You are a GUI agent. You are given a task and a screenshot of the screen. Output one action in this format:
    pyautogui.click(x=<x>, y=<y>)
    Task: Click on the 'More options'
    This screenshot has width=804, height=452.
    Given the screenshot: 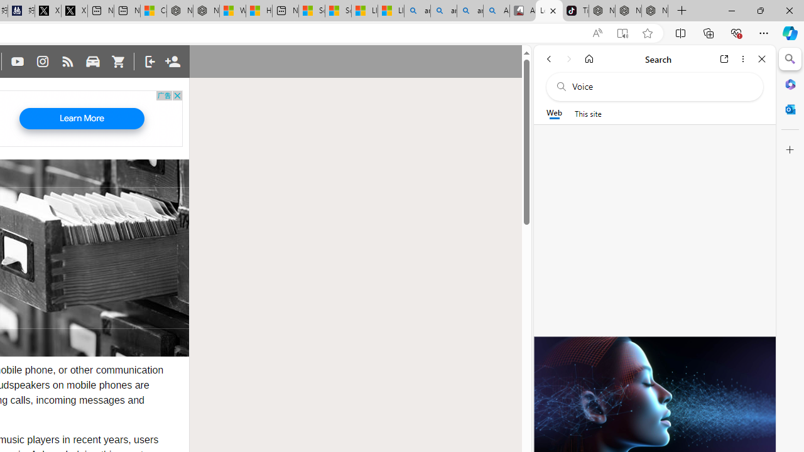 What is the action you would take?
    pyautogui.click(x=742, y=58)
    